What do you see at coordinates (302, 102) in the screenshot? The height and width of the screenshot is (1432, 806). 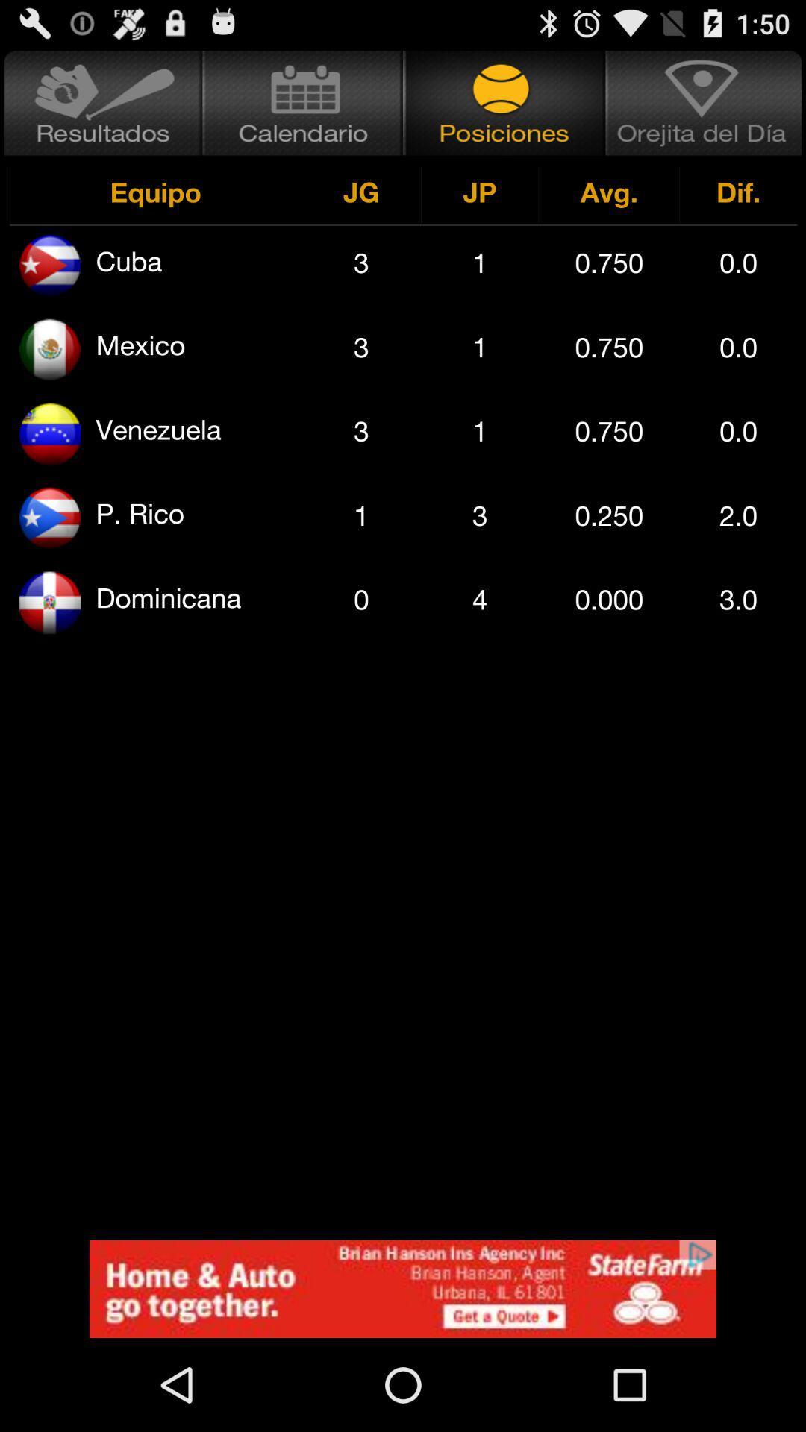 I see `calender of different games` at bounding box center [302, 102].